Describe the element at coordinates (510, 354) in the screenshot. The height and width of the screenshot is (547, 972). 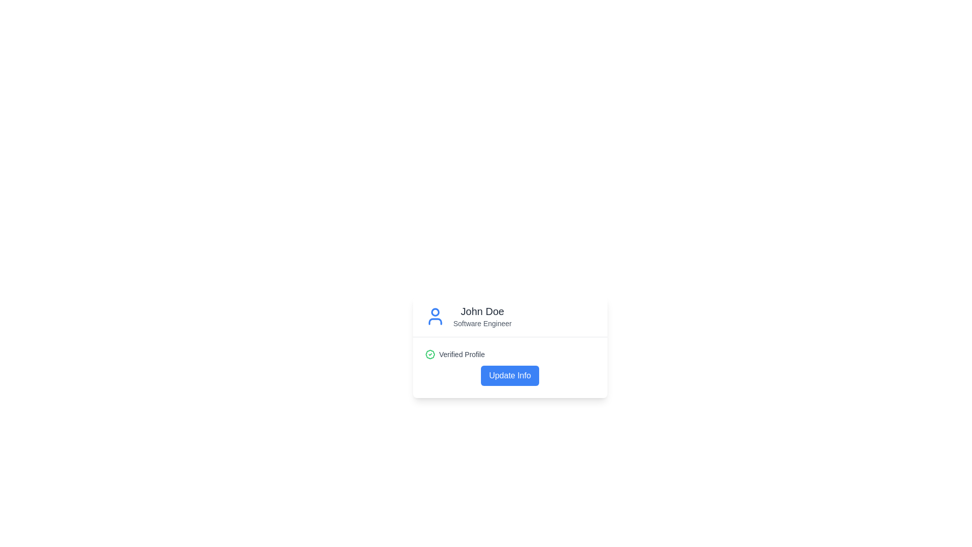
I see `the Status indicator with the green circular badge and the 'Verified Profile' text label` at that location.